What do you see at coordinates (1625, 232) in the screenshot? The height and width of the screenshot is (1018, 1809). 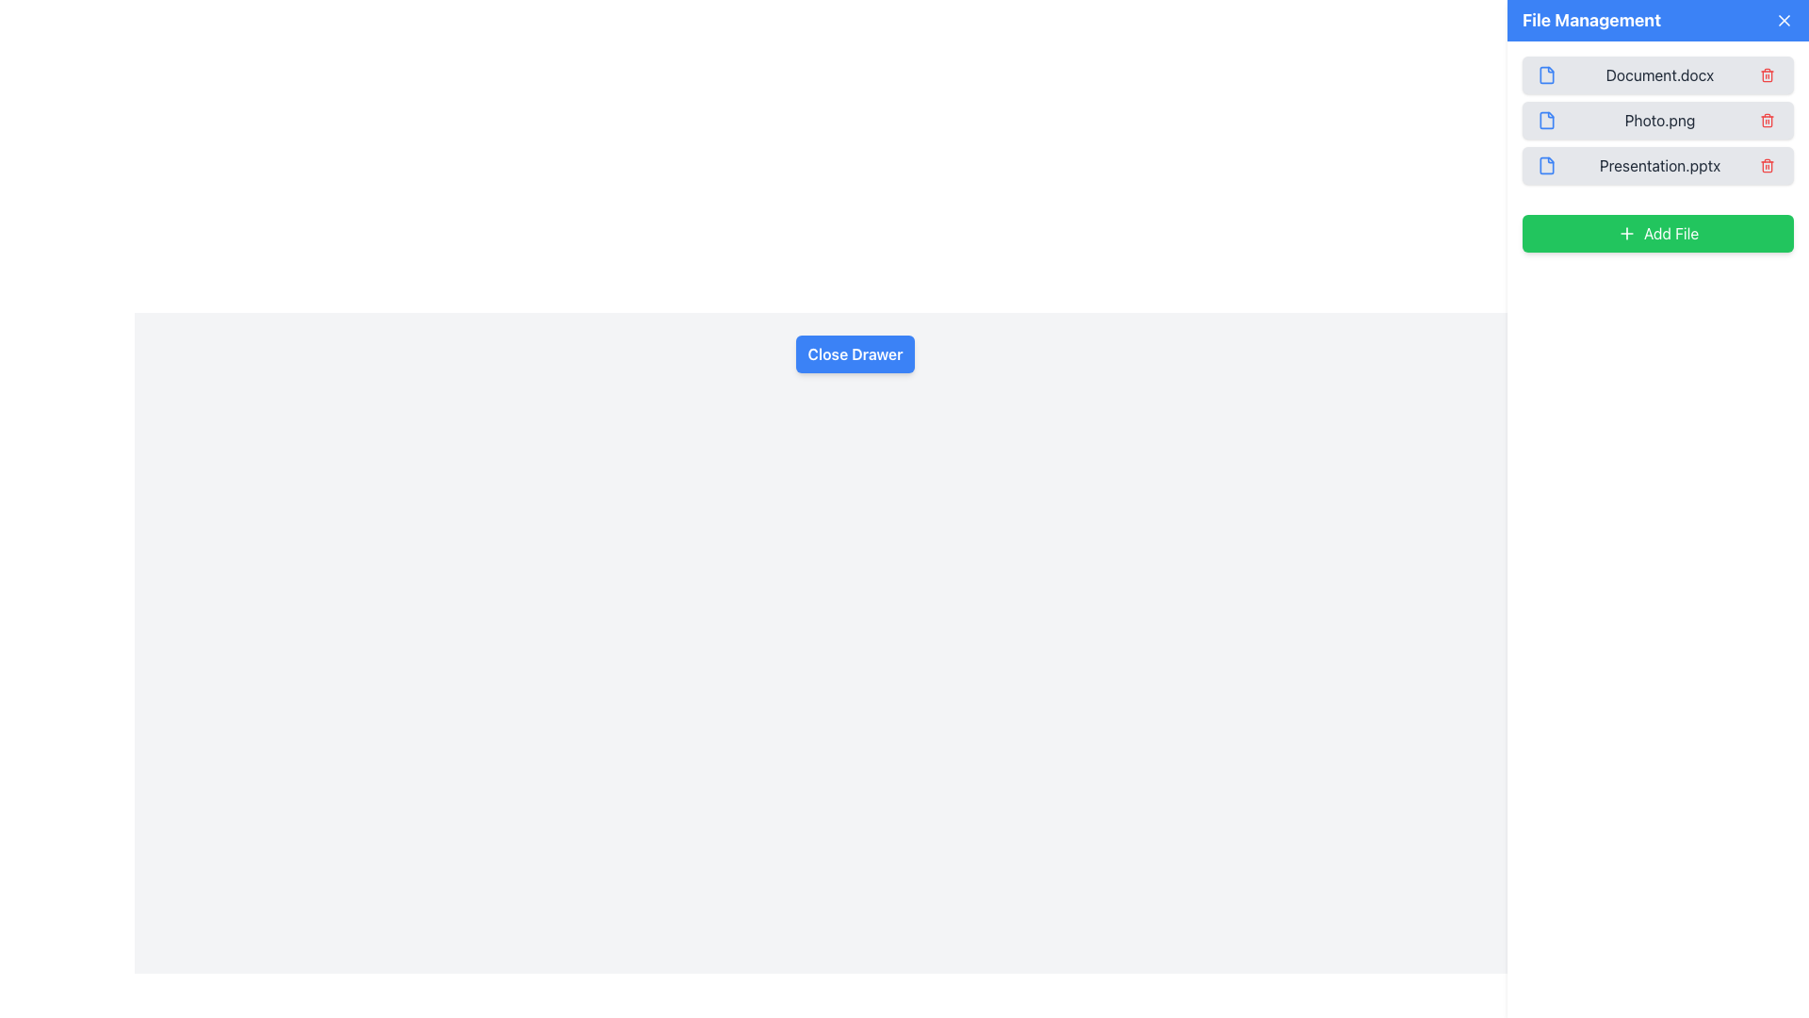 I see `the plus '+' icon within the green 'Add File' button located in the lower right corner of the interface` at bounding box center [1625, 232].